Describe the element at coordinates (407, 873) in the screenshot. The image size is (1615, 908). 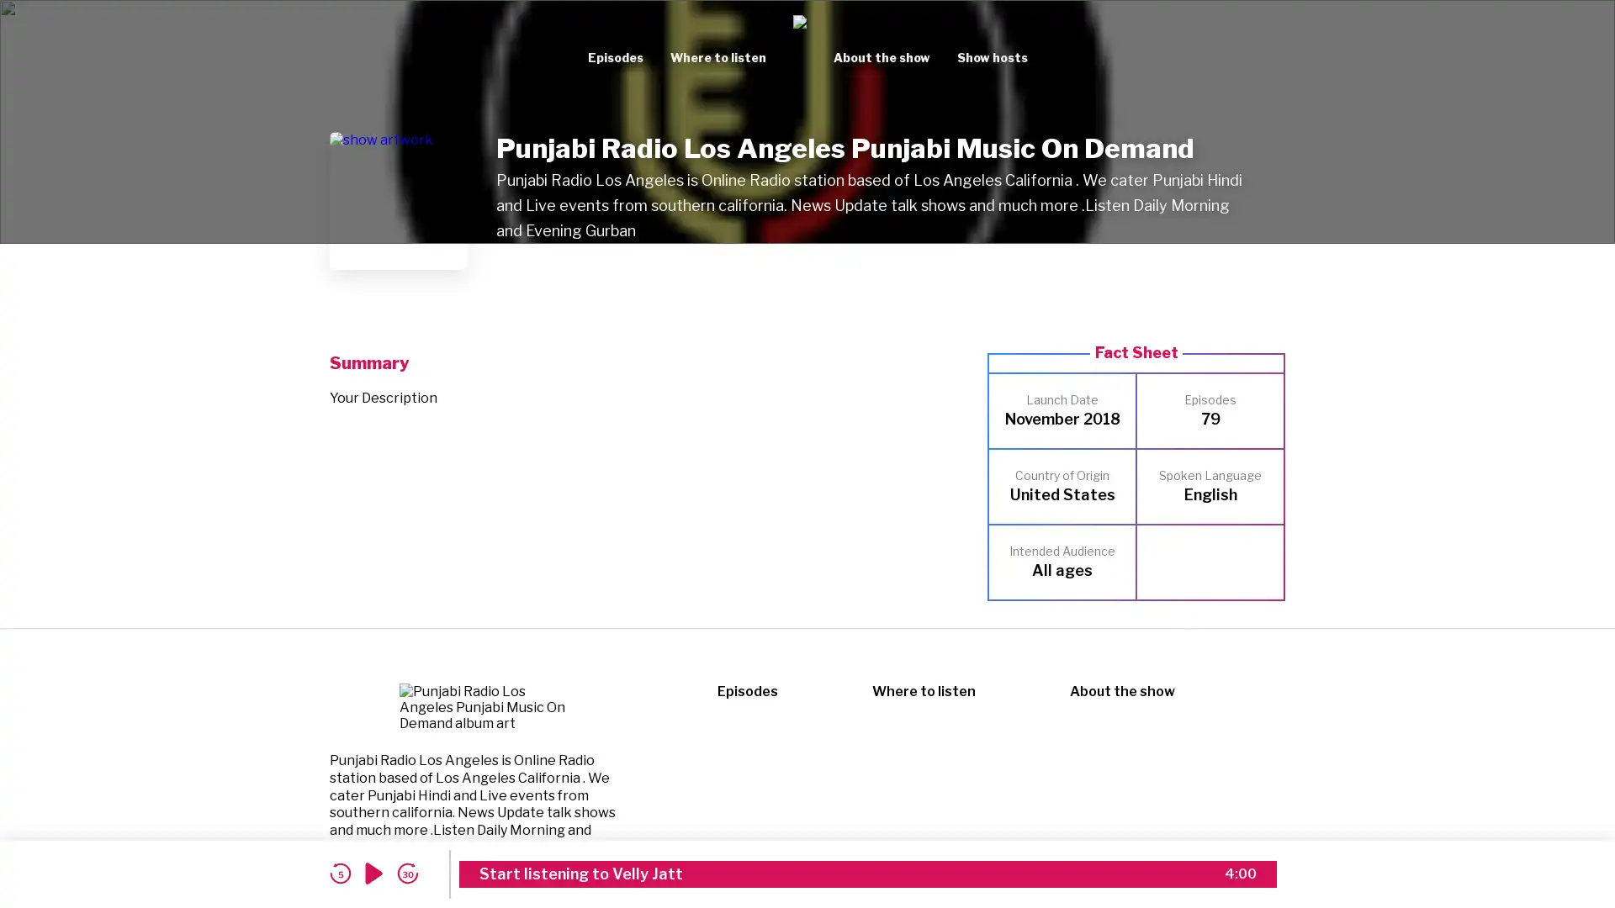
I see `skip forward 30 seconds` at that location.